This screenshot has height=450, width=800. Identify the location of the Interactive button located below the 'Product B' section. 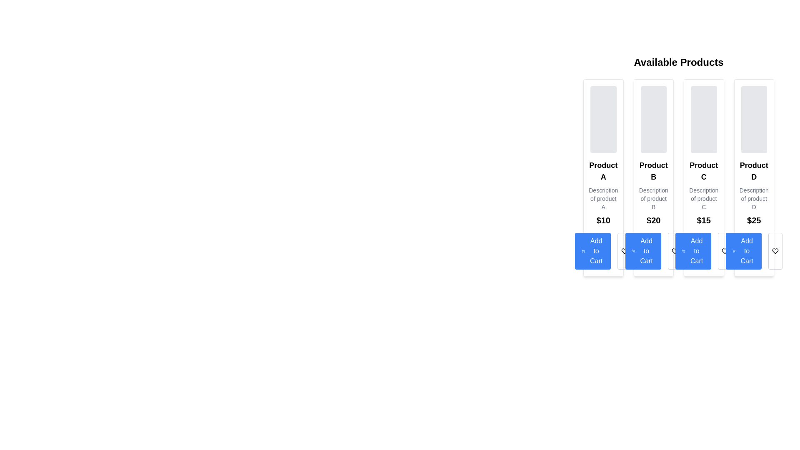
(653, 250).